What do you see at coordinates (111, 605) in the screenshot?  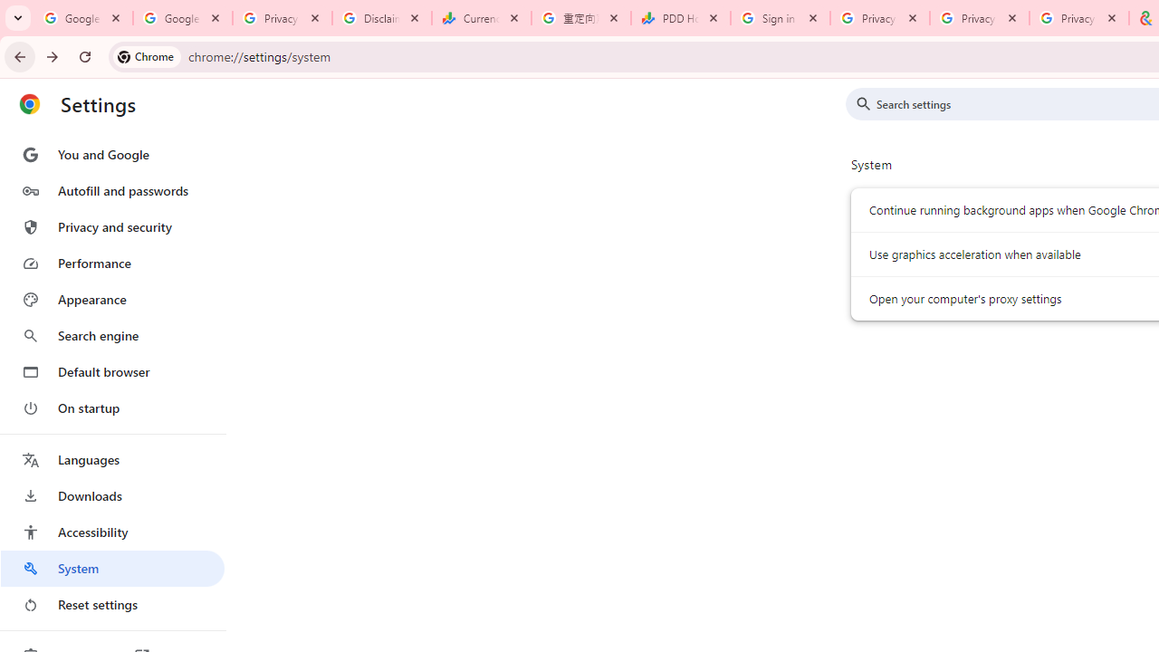 I see `'Reset settings'` at bounding box center [111, 605].